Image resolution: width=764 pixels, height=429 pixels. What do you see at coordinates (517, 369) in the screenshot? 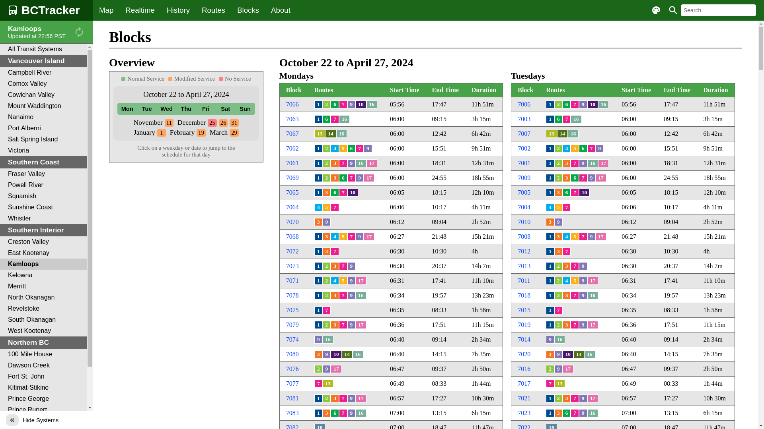
I see `'7016'` at bounding box center [517, 369].